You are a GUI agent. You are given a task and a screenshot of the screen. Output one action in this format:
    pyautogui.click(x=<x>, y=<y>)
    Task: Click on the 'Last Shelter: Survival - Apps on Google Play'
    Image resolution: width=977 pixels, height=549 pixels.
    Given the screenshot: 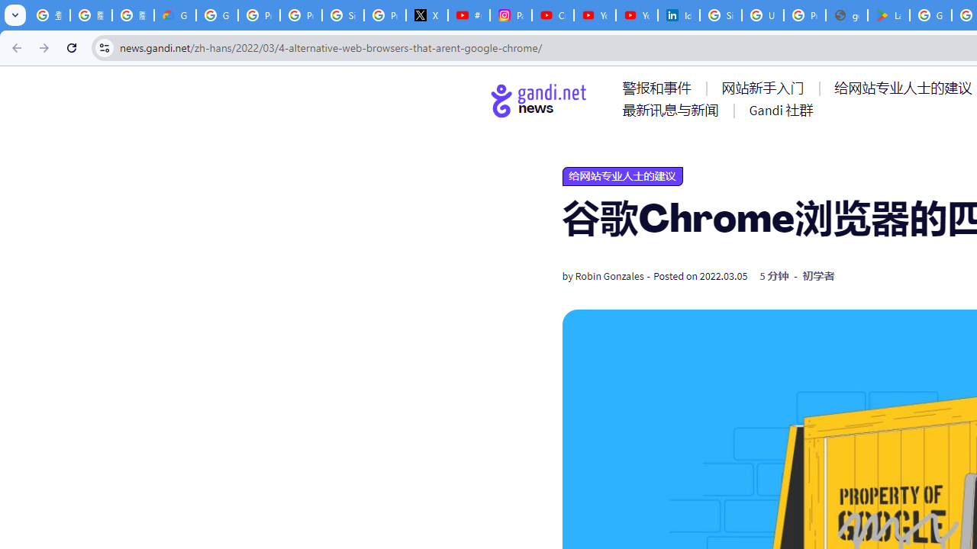 What is the action you would take?
    pyautogui.click(x=888, y=15)
    